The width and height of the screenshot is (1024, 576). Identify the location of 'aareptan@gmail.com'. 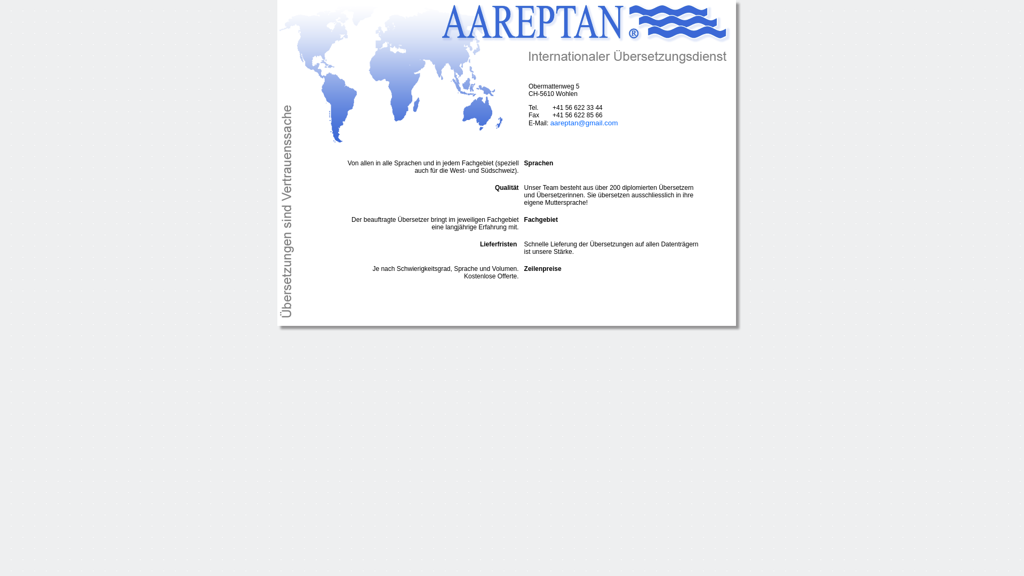
(583, 122).